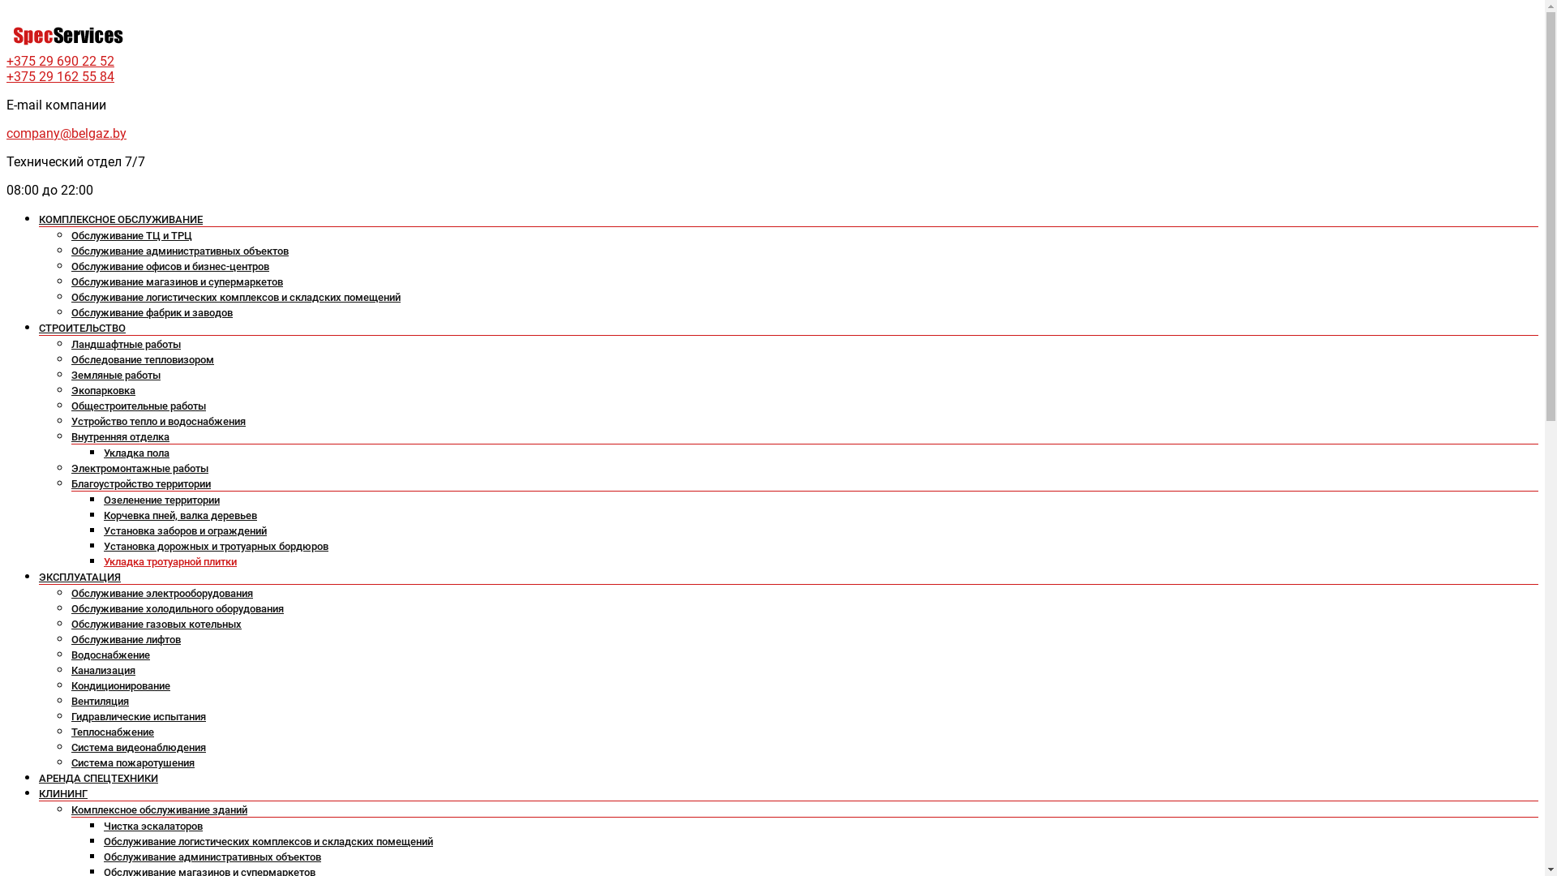 The height and width of the screenshot is (876, 1557). What do you see at coordinates (60, 60) in the screenshot?
I see `'+375 29 690 22 52'` at bounding box center [60, 60].